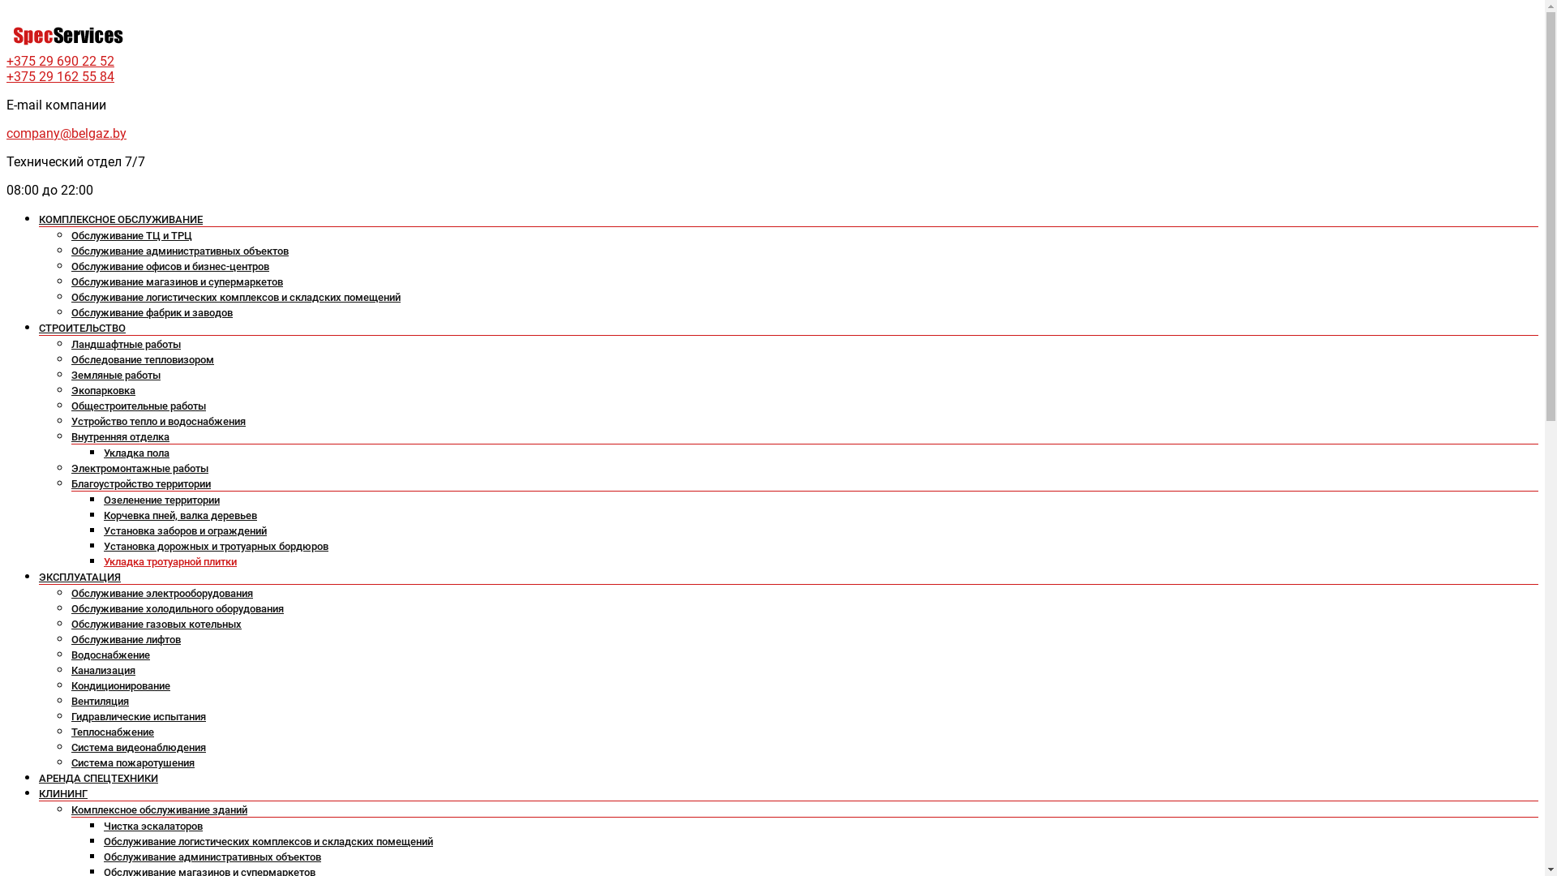 The height and width of the screenshot is (876, 1557). What do you see at coordinates (60, 60) in the screenshot?
I see `'+375 29 690 22 52'` at bounding box center [60, 60].